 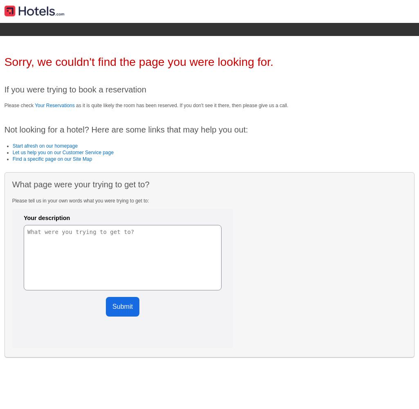 What do you see at coordinates (52, 159) in the screenshot?
I see `'Find a specific page on our Site Map'` at bounding box center [52, 159].